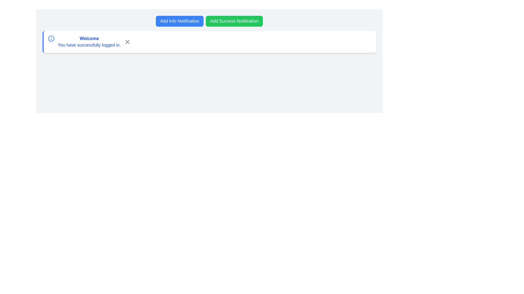 The image size is (524, 294). I want to click on the 'Welcome' text element, which is styled in bold and positioned at the top of the notification box in the upper-left section of the interface, so click(89, 38).